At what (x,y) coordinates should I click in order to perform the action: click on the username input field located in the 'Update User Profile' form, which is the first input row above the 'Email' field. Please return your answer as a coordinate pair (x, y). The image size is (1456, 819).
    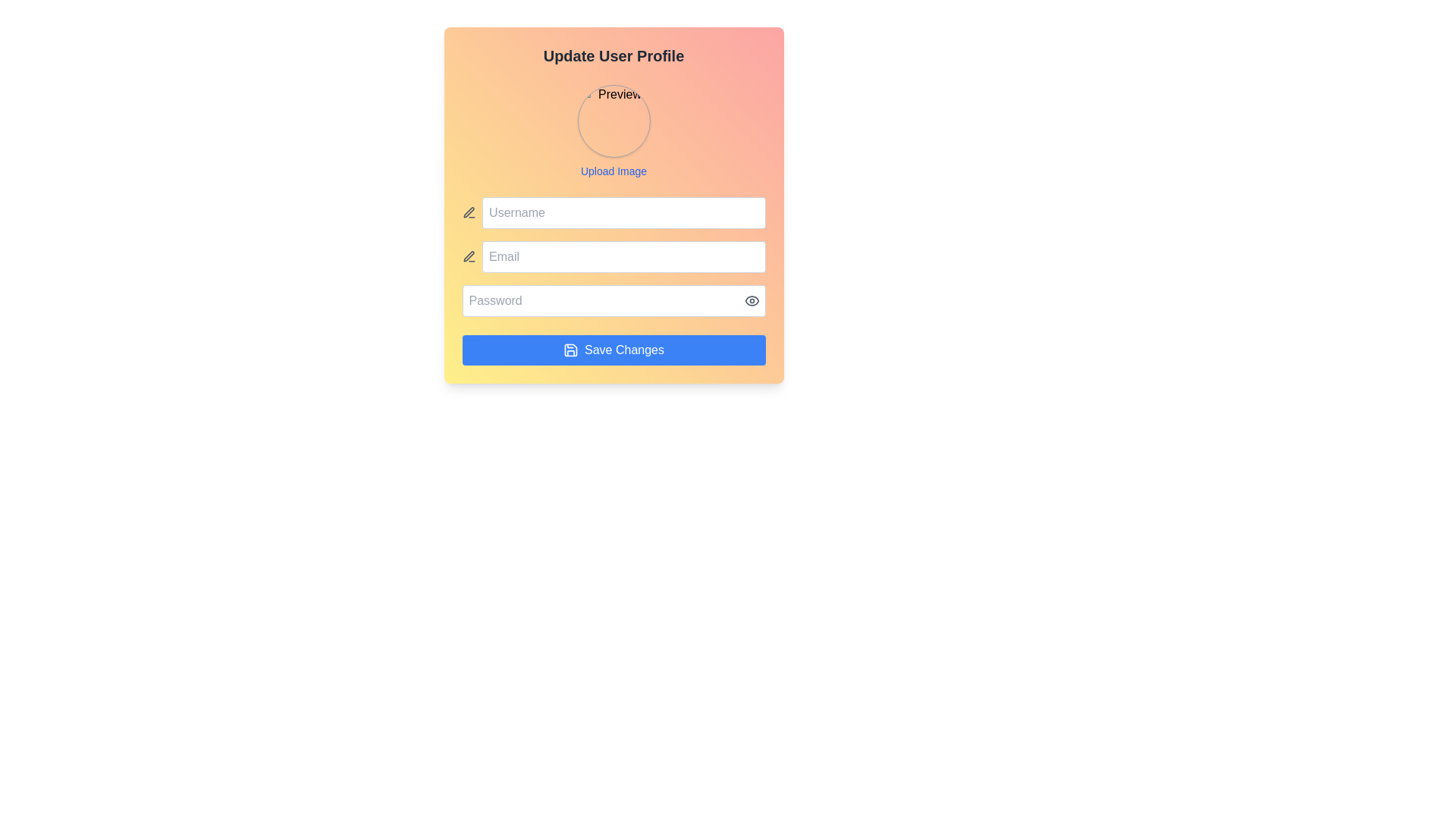
    Looking at the image, I should click on (613, 213).